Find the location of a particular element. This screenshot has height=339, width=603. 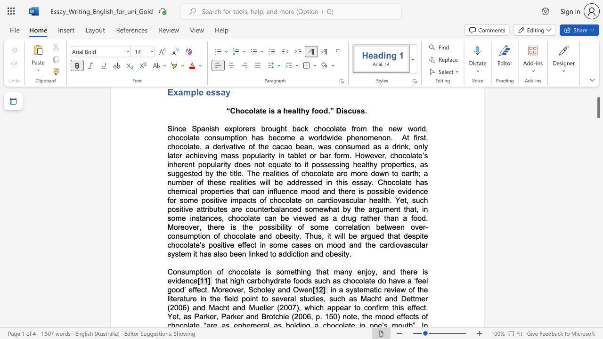

the scrollbar and move down 1480 pixels is located at coordinates (598, 107).